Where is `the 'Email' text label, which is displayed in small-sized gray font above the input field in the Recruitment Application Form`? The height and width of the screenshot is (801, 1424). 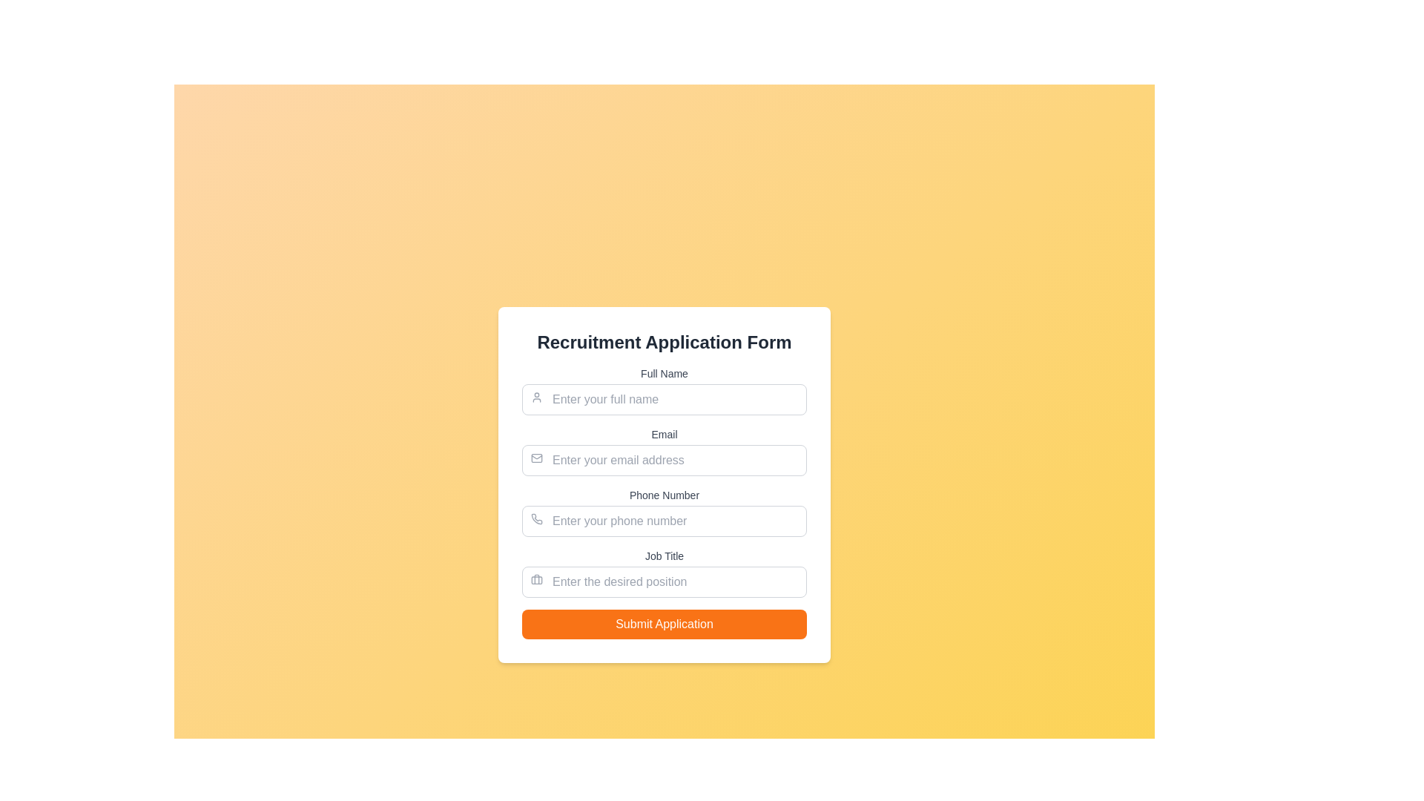 the 'Email' text label, which is displayed in small-sized gray font above the input field in the Recruitment Application Form is located at coordinates (664, 434).